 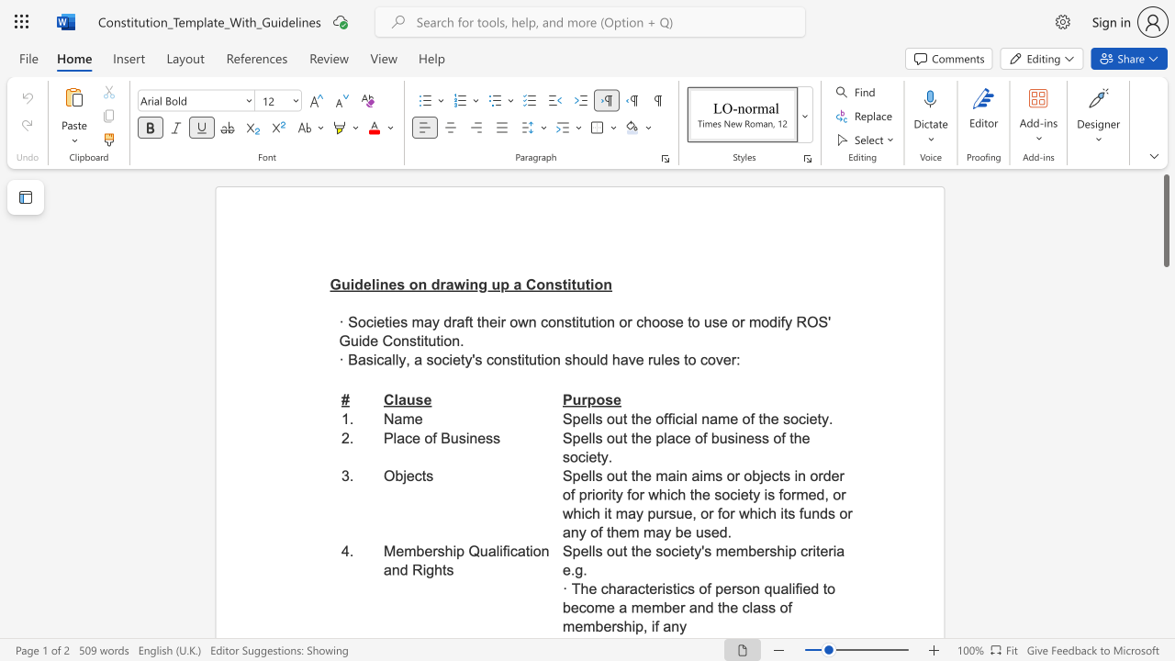 I want to click on the vertical scrollbar to lower the page content, so click(x=1165, y=514).